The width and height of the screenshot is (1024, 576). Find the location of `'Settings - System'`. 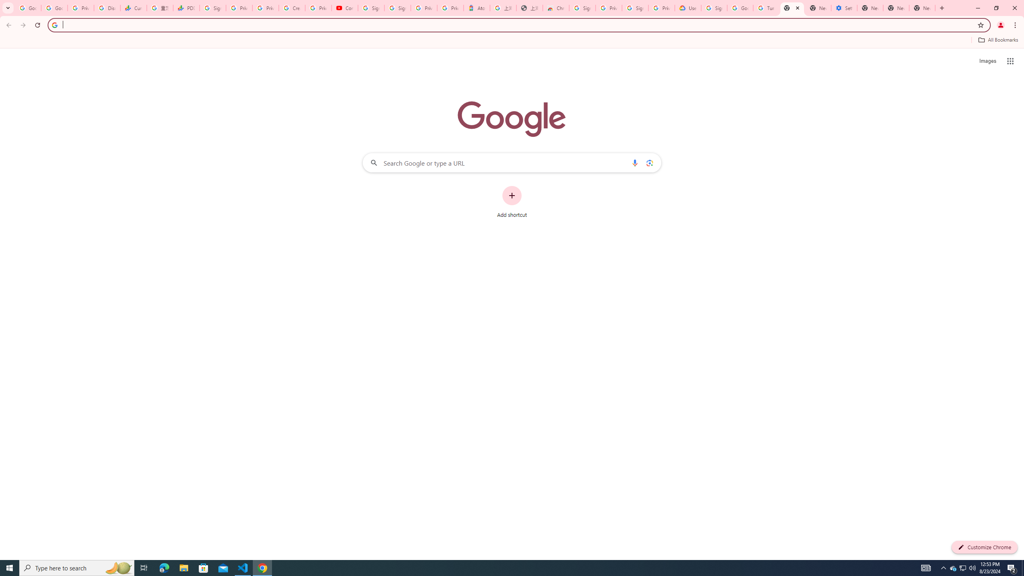

'Settings - System' is located at coordinates (844, 8).